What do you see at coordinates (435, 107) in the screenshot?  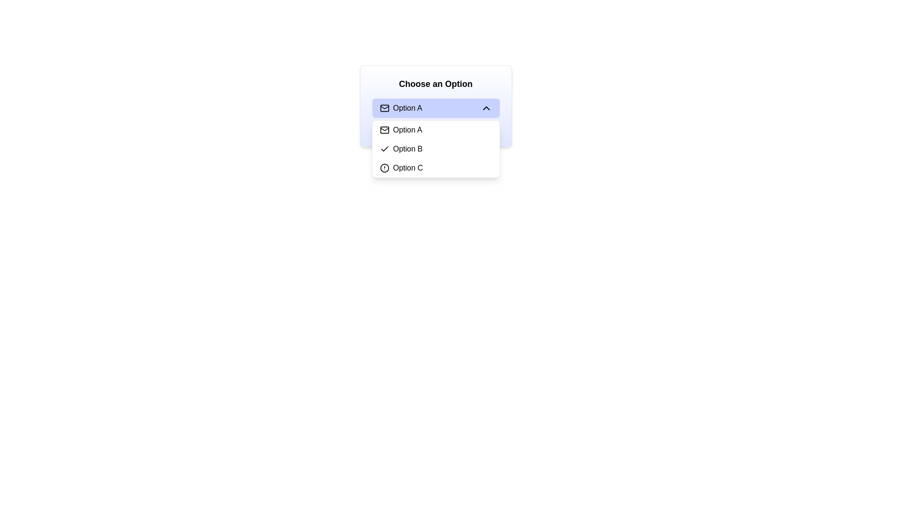 I see `the dropdown menu trigger located beneath the title 'Choose an Option'` at bounding box center [435, 107].